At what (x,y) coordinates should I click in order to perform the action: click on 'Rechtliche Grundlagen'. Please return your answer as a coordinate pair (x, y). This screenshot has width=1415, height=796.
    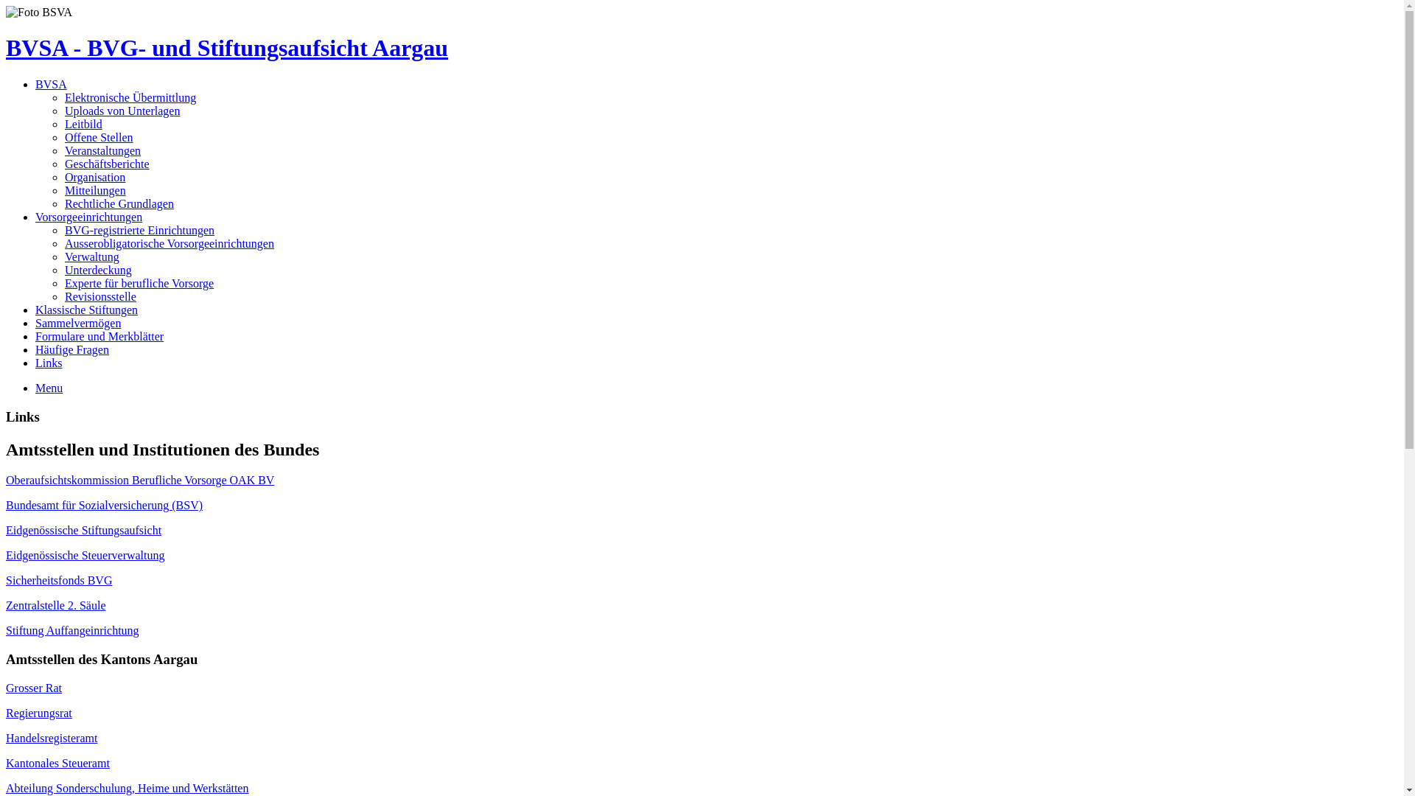
    Looking at the image, I should click on (119, 203).